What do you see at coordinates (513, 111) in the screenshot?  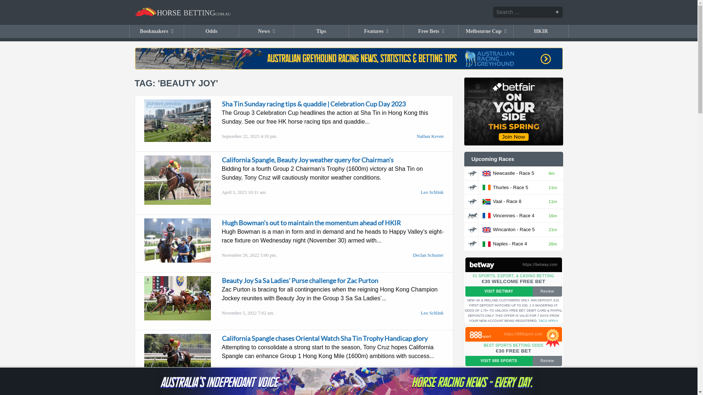 I see `'Betfair - ON YOUR SIDE'` at bounding box center [513, 111].